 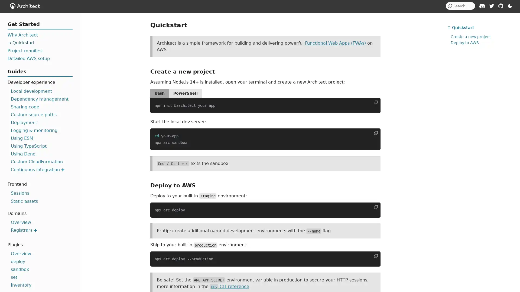 I want to click on bash, so click(x=159, y=93).